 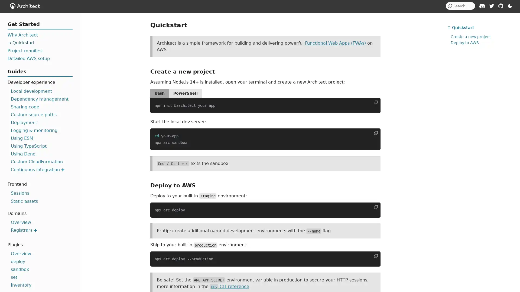 I want to click on bash, so click(x=159, y=93).